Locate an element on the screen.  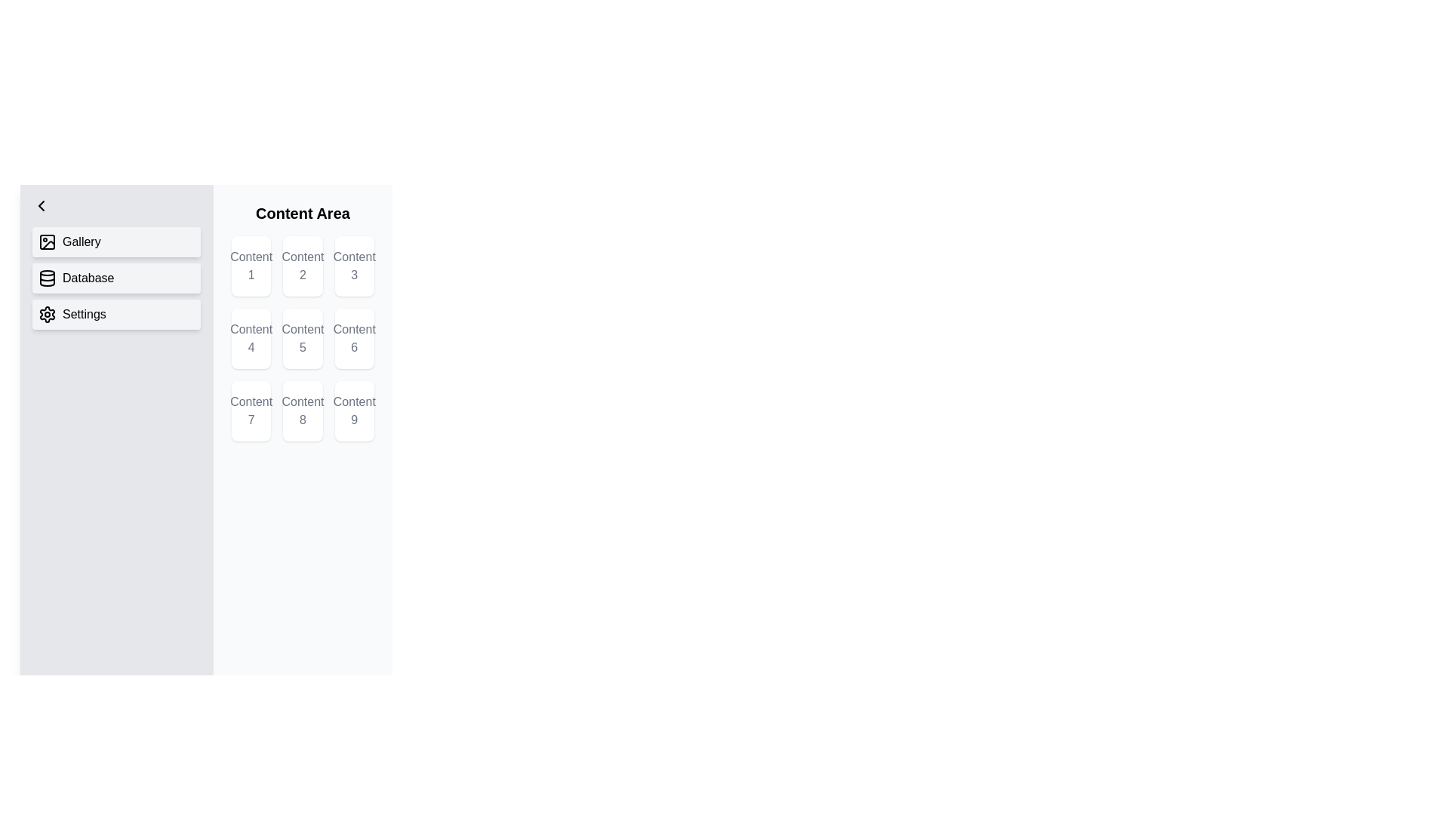
the button labeled 'Content 5' which is styled with a white background and rounded corners is located at coordinates (302, 337).